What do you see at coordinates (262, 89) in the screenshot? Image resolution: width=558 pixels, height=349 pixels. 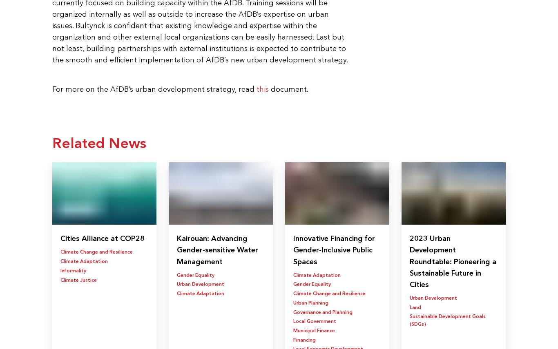 I see `'this'` at bounding box center [262, 89].